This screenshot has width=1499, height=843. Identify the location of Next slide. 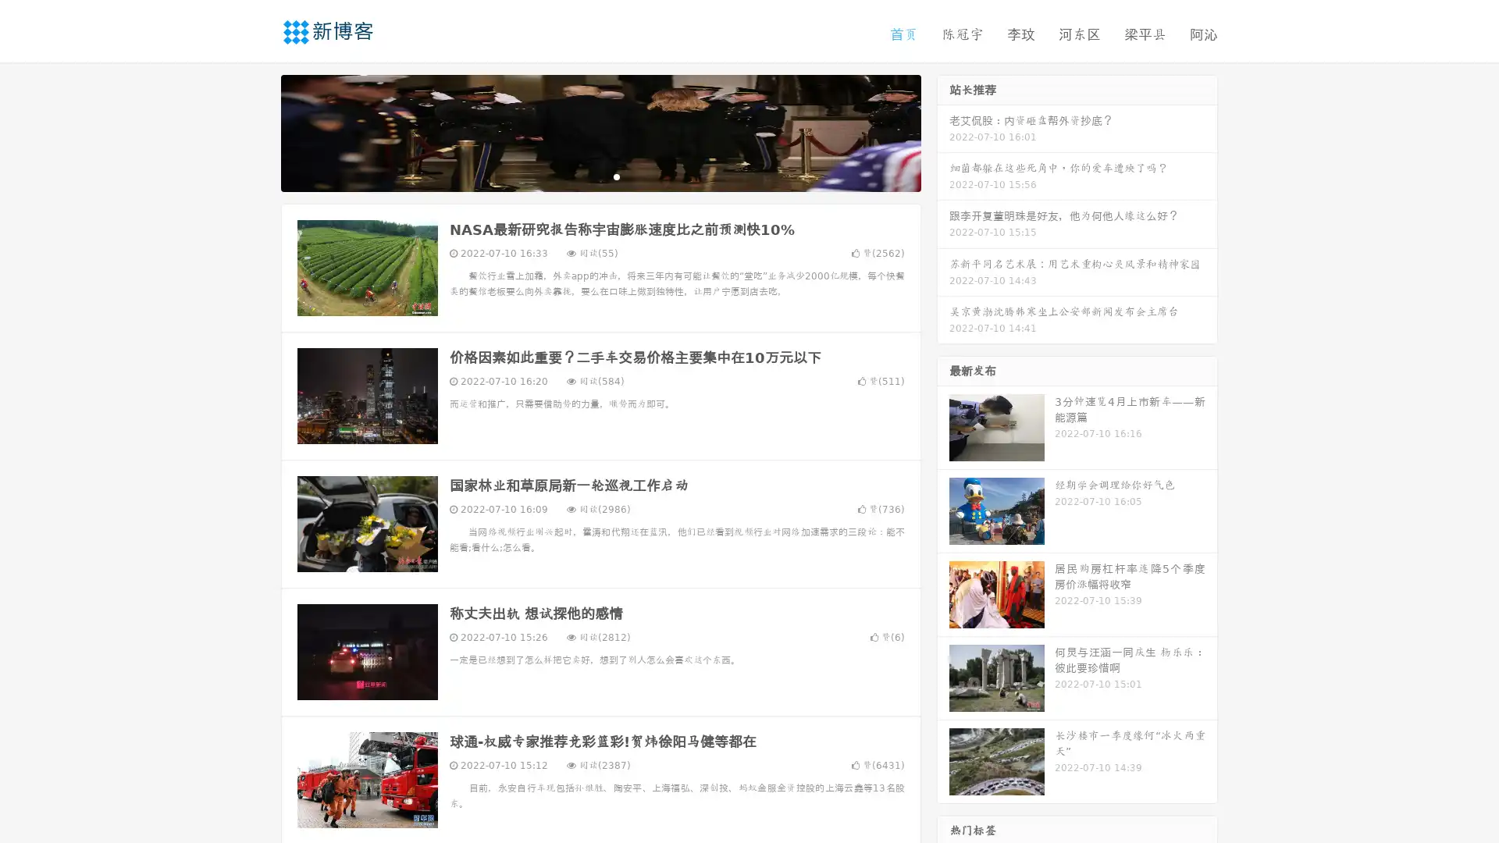
(943, 131).